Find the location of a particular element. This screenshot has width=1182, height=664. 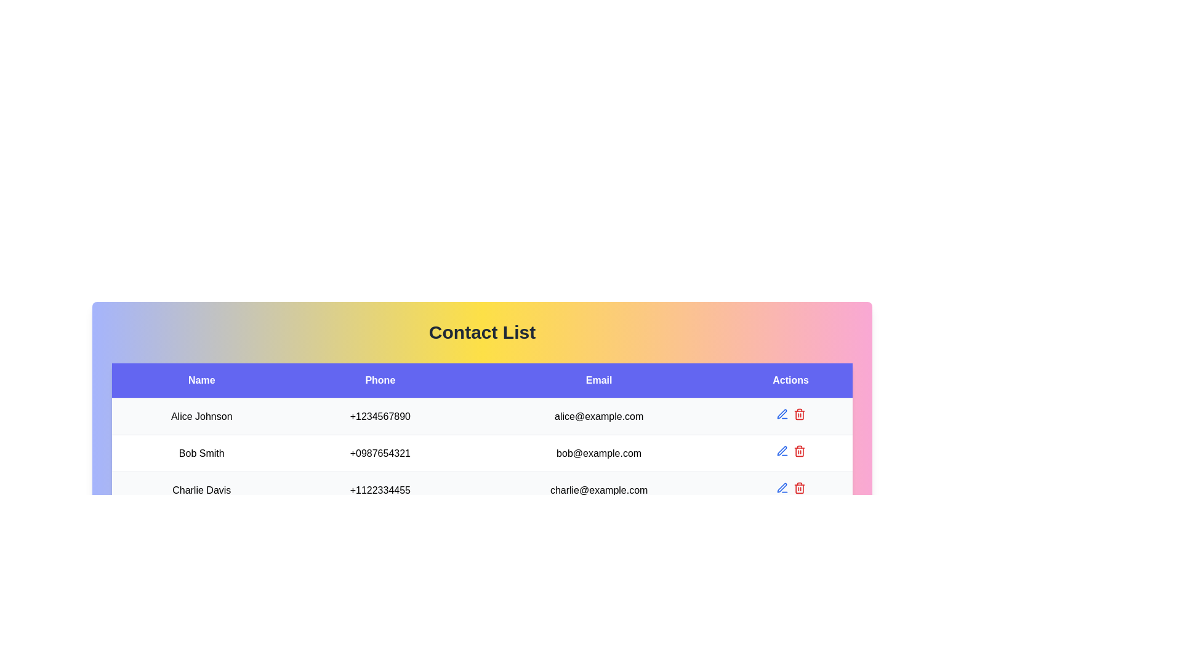

the text label displaying 'Bob Smith' to select the text, which is centrally aligned in its cell under the 'Name' heading is located at coordinates (201, 453).